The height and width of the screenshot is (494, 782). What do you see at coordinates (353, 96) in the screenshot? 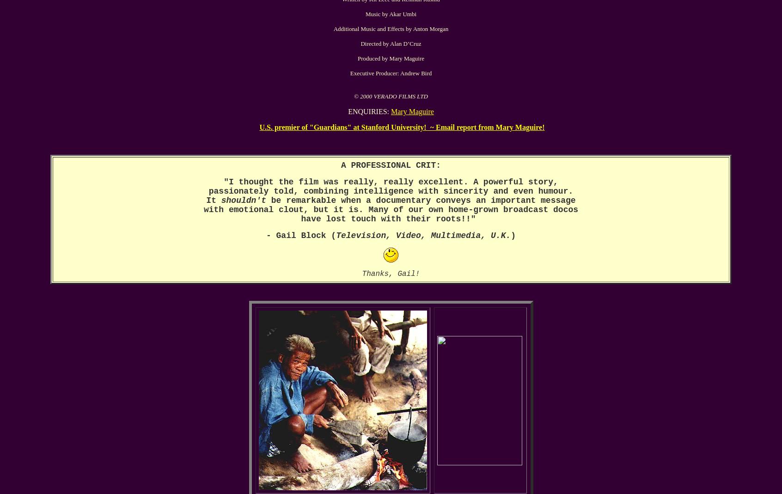
I see `'© 2000 VERADO FILMS LTD'` at bounding box center [353, 96].